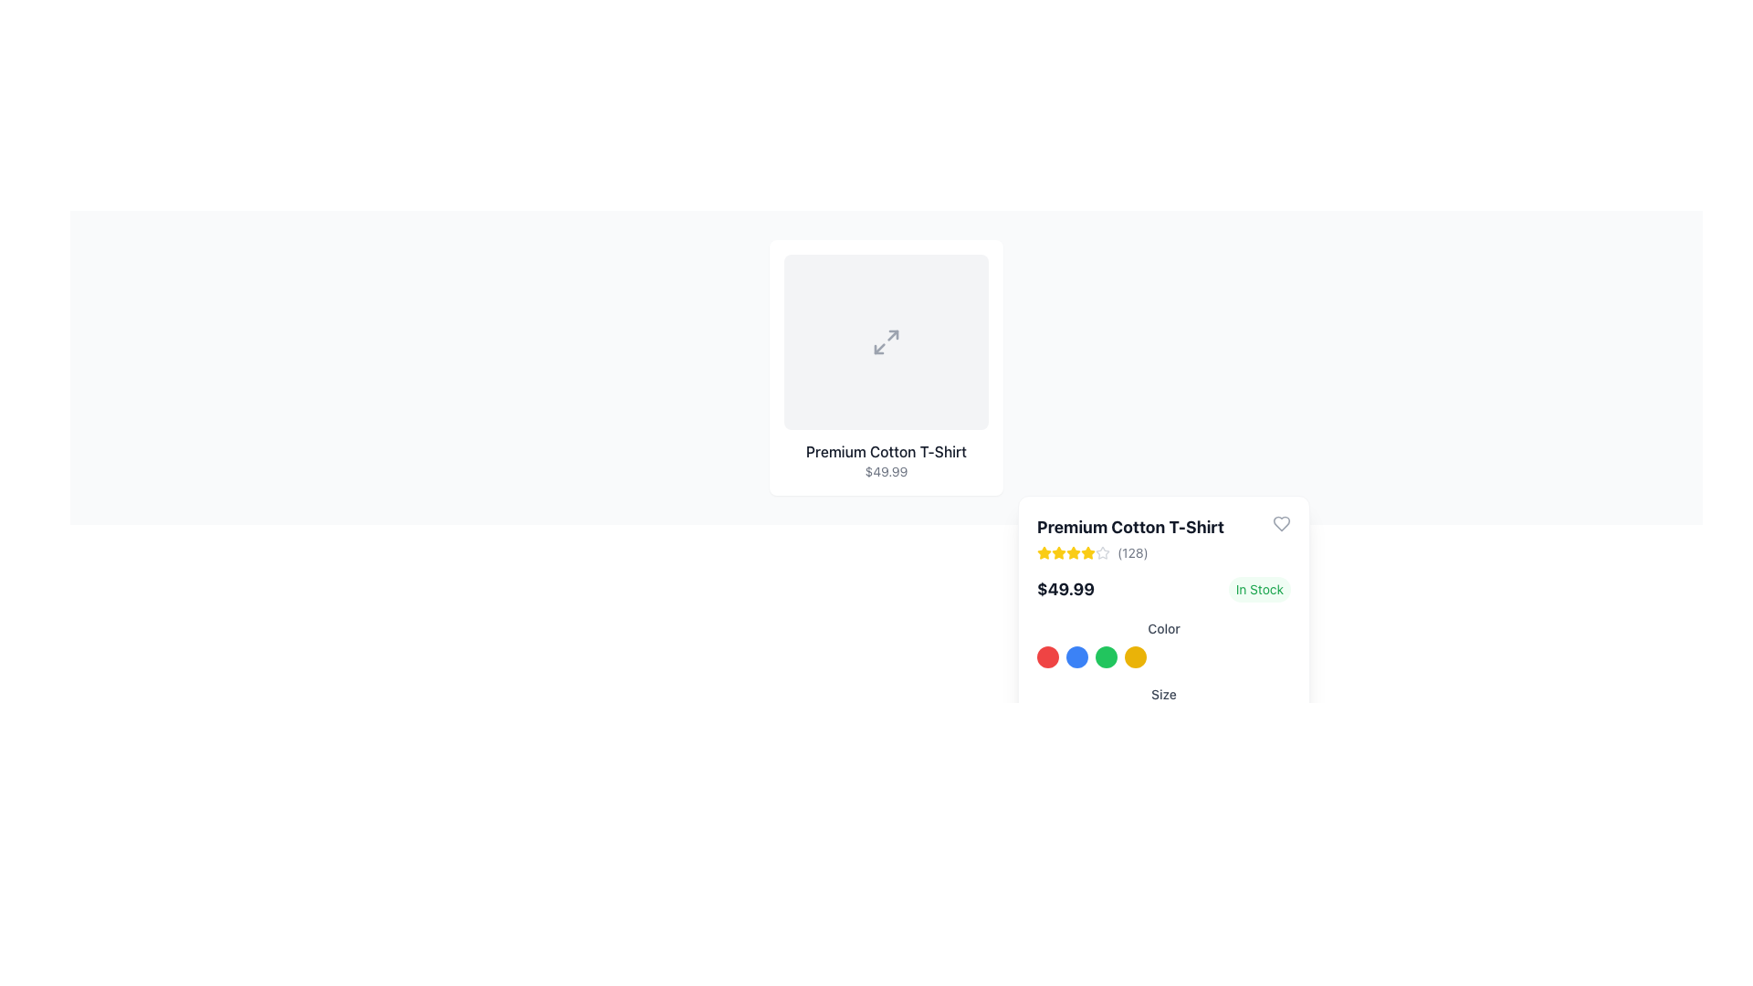  What do you see at coordinates (1077, 657) in the screenshot?
I see `the second selectable color button with a blue background located below the 'Color' text` at bounding box center [1077, 657].